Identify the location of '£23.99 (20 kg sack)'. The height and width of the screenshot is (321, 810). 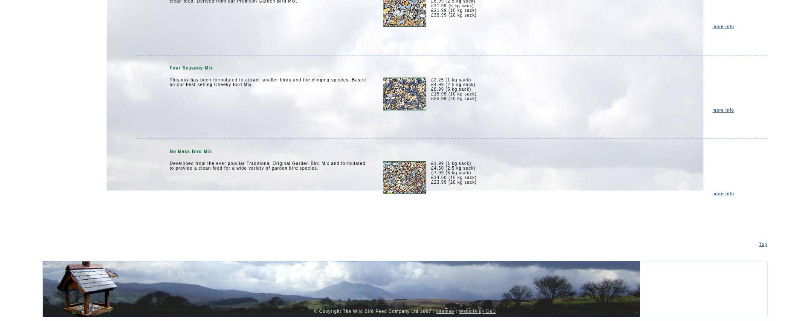
(431, 182).